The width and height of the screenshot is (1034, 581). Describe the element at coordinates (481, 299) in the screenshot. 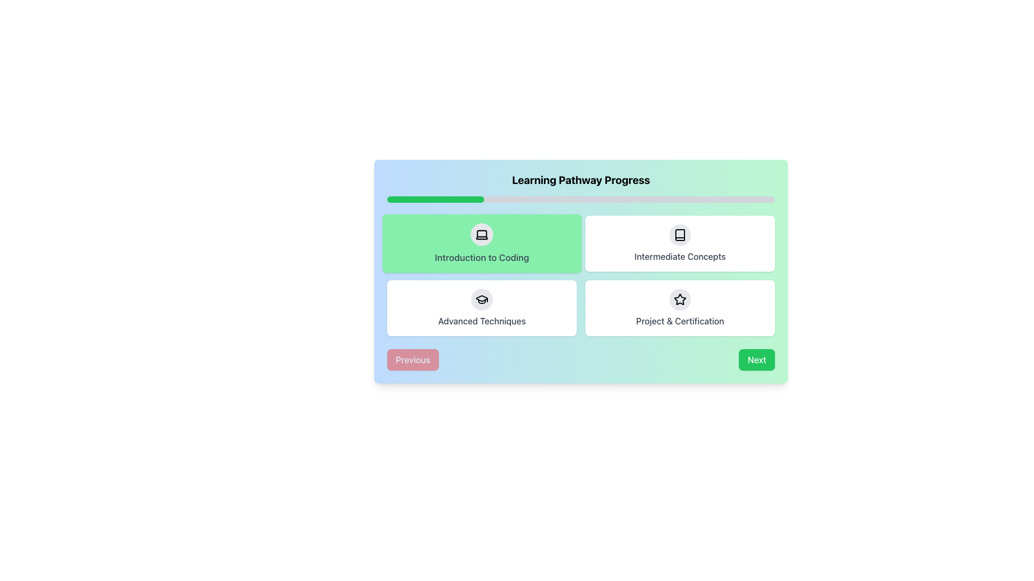

I see `the graduation cap icon located in the bottom-left quadrant of the interface within the 'Advanced Techniques' section` at that location.